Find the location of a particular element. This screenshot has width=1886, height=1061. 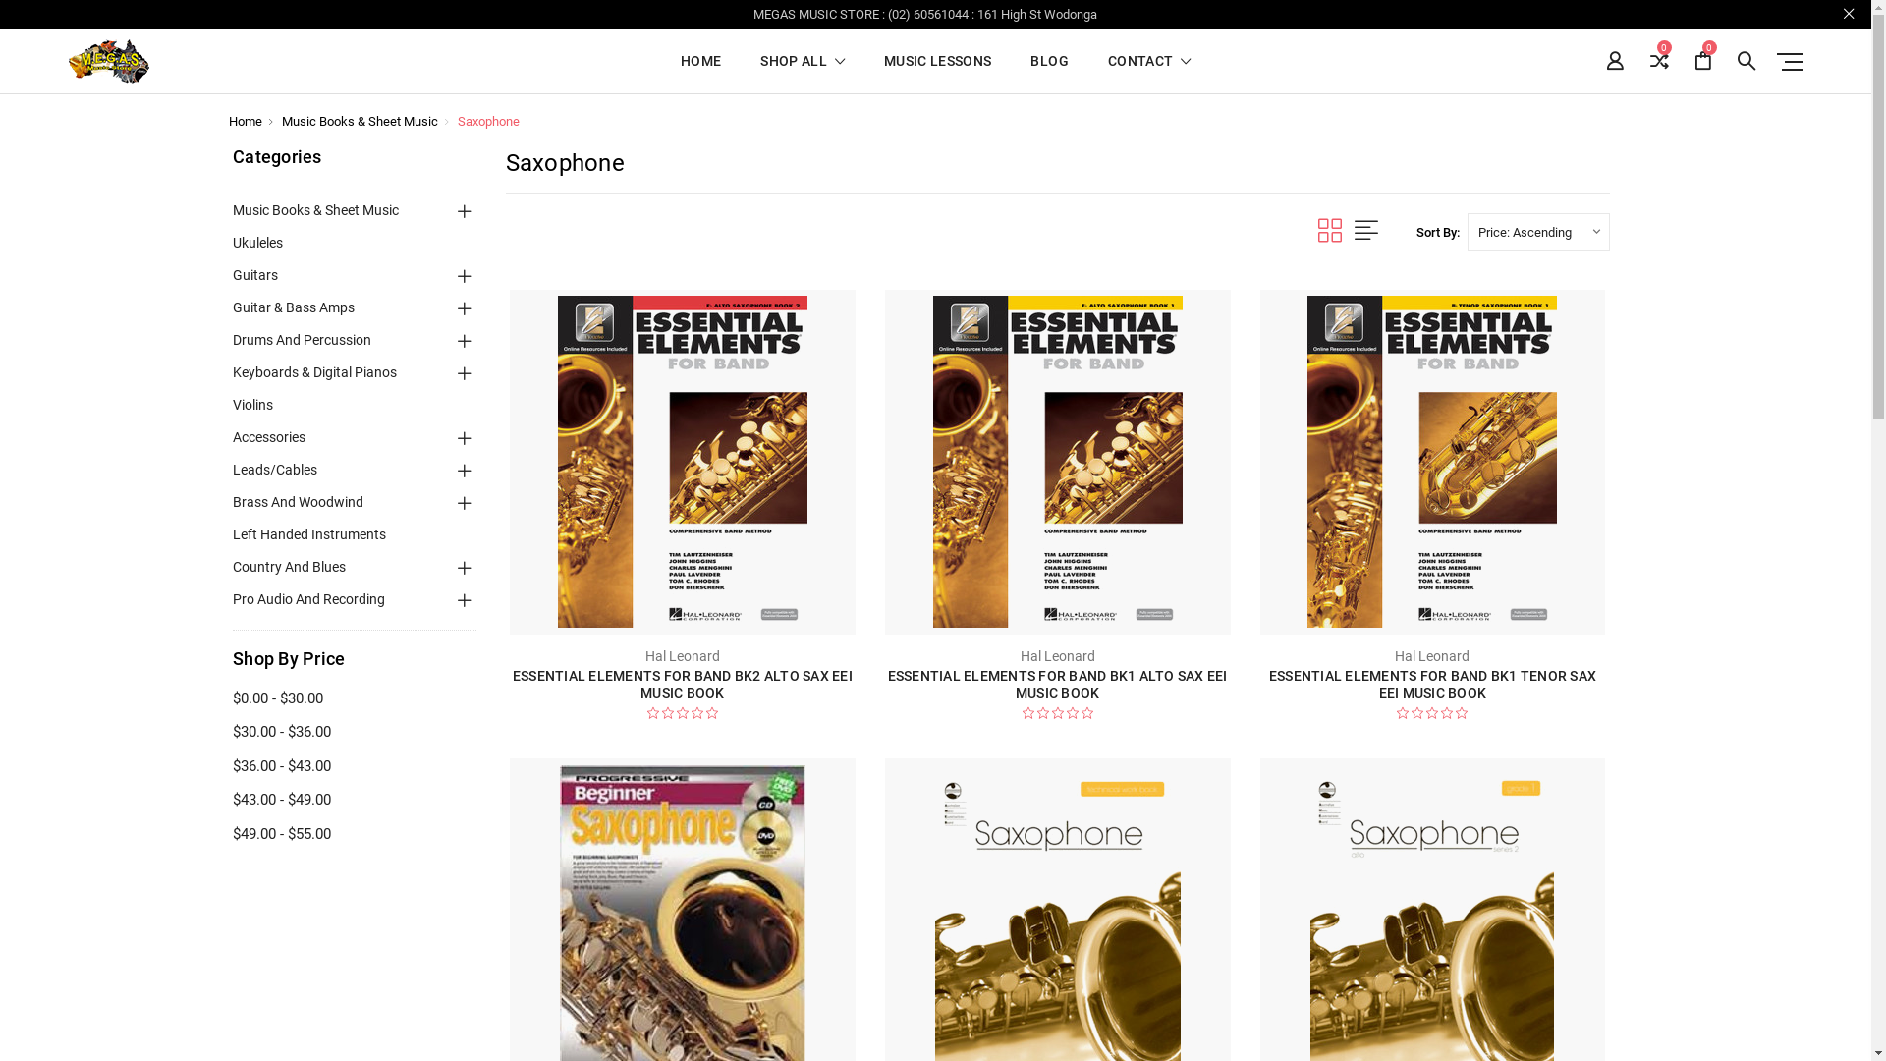

'Music Books & Sheet Music' is located at coordinates (315, 209).